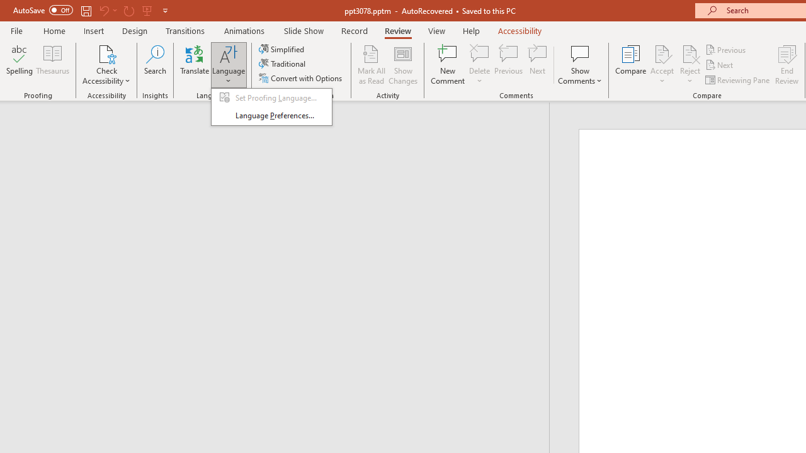 This screenshot has width=806, height=453. What do you see at coordinates (726, 49) in the screenshot?
I see `'Previous'` at bounding box center [726, 49].